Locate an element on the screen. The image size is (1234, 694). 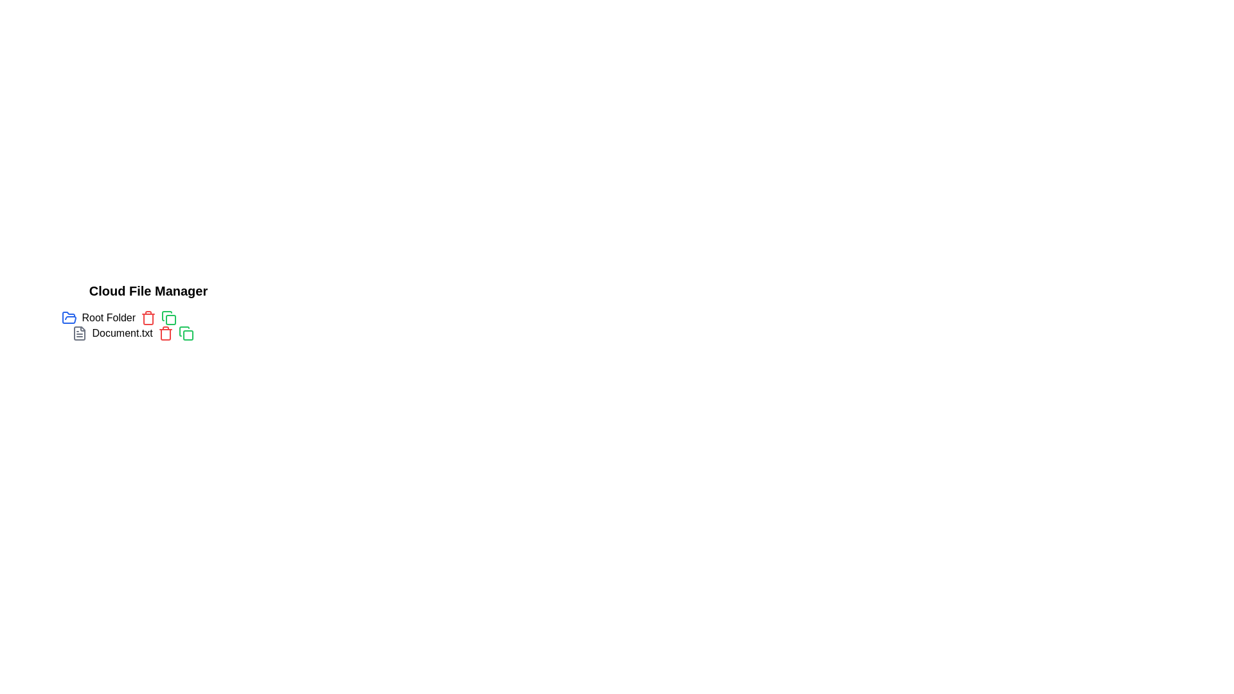
the trash can icon button located to the right of the 'Root Folder' text is located at coordinates (148, 317).